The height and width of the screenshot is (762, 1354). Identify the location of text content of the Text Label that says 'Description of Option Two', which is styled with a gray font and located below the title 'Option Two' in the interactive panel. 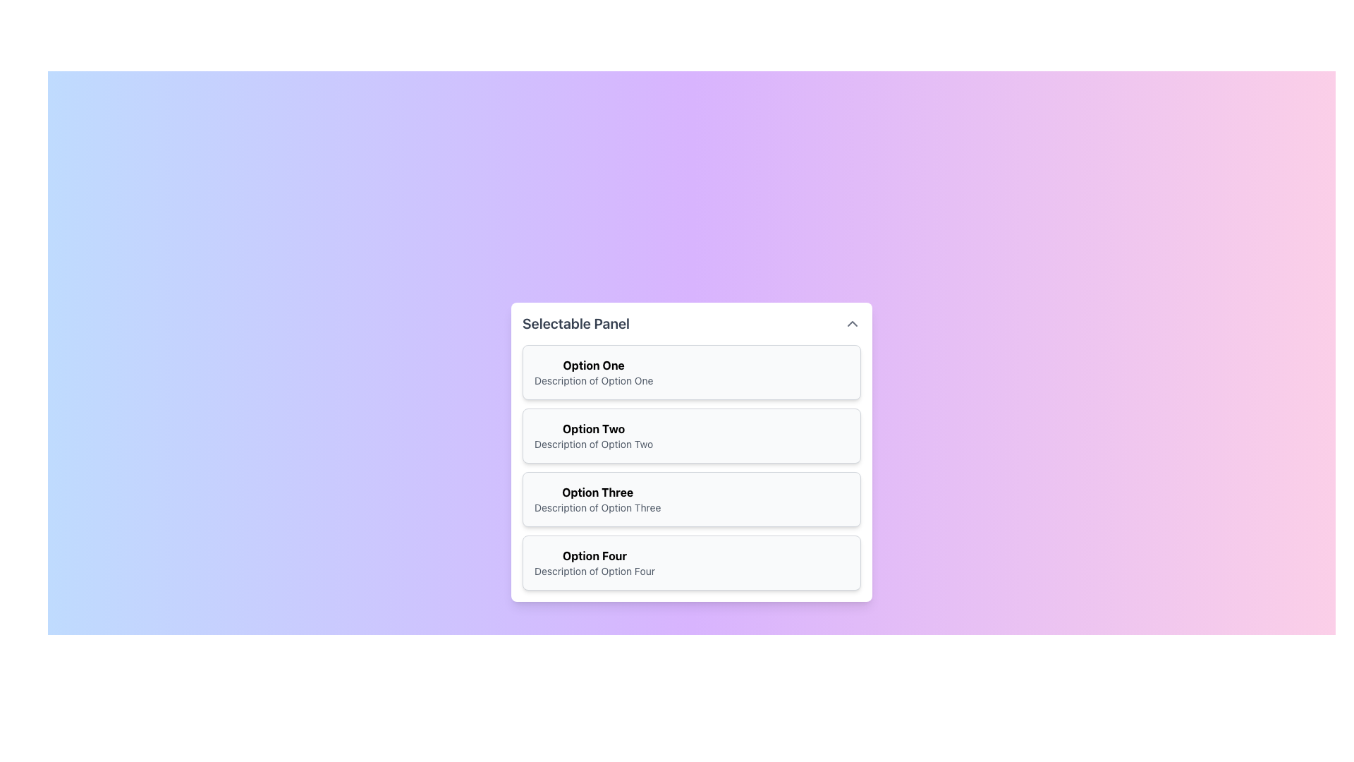
(594, 443).